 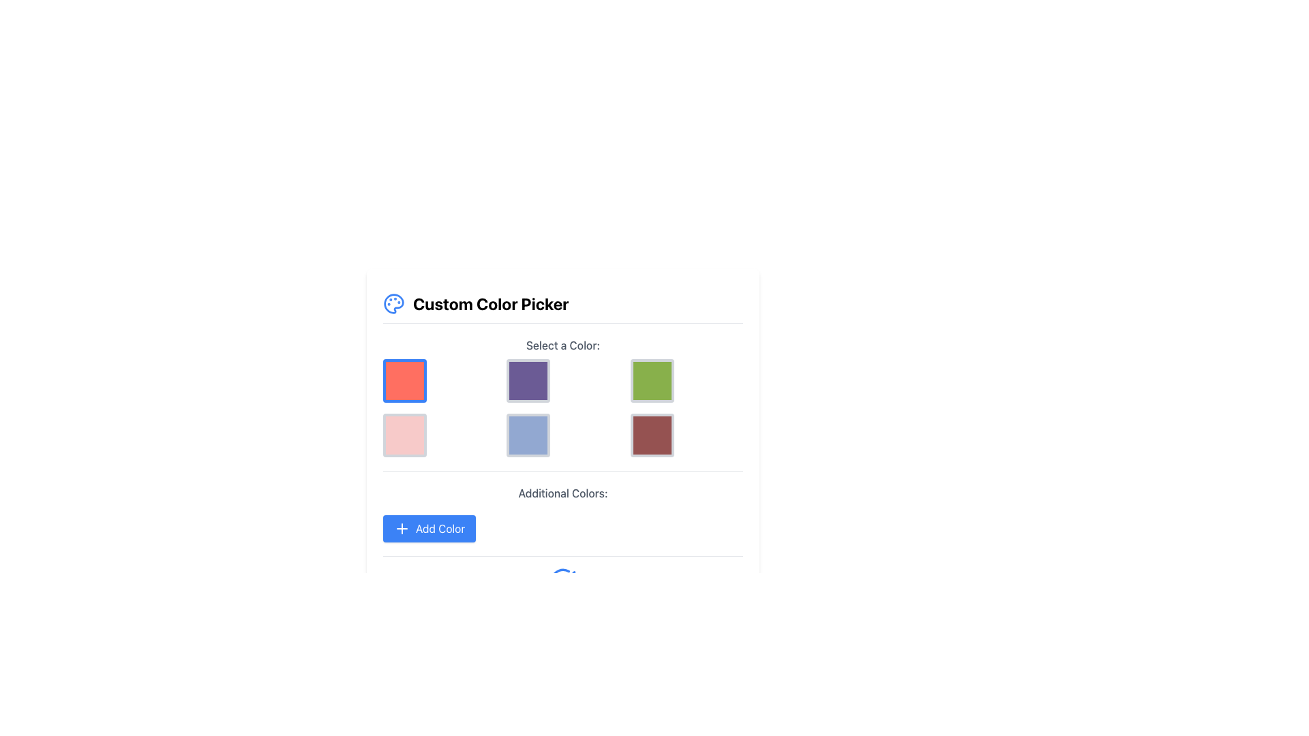 I want to click on the bright red square button with a blue border located in the 'Select a Color:' section, so click(x=404, y=381).